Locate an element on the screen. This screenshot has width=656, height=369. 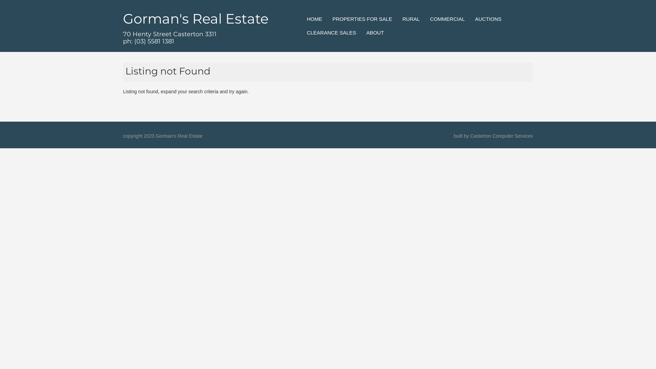
'Skip to content' is located at coordinates (314, 15).